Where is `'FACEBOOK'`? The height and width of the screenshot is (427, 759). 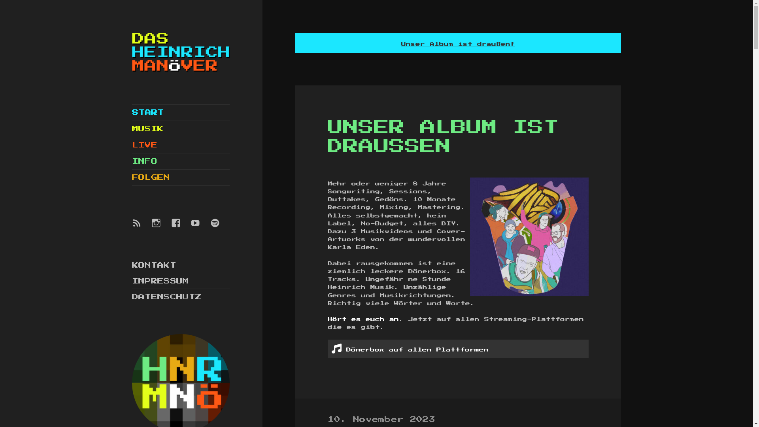 'FACEBOOK' is located at coordinates (180, 227).